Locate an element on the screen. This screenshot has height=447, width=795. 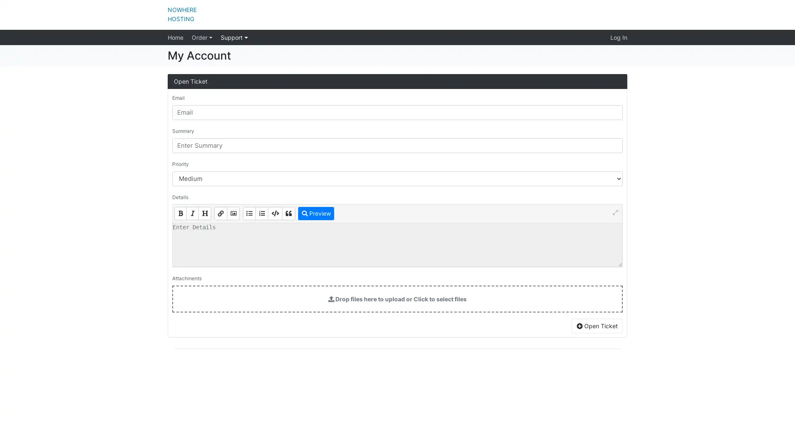
Open Ticket is located at coordinates (597, 325).